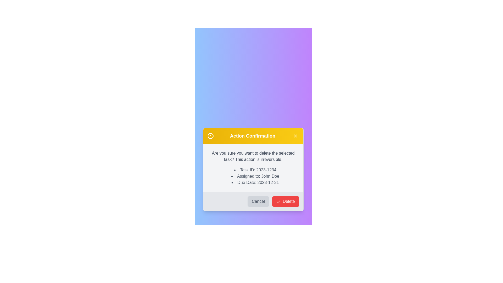  What do you see at coordinates (255, 170) in the screenshot?
I see `the static text element that displays the ID of a task, located in the middle section of the 'Action Confirmation' modal, above 'Assigned to: John Doe' and 'Due Date: 2023-12-31'` at bounding box center [255, 170].